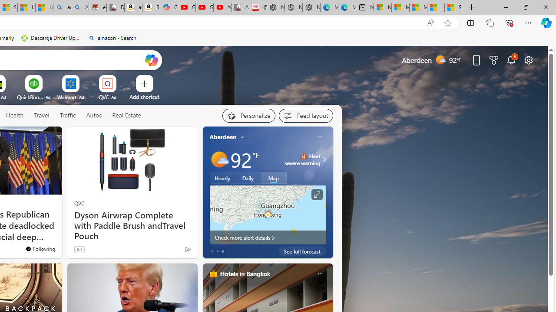 Image resolution: width=556 pixels, height=312 pixels. I want to click on 'Feed settings', so click(306, 115).